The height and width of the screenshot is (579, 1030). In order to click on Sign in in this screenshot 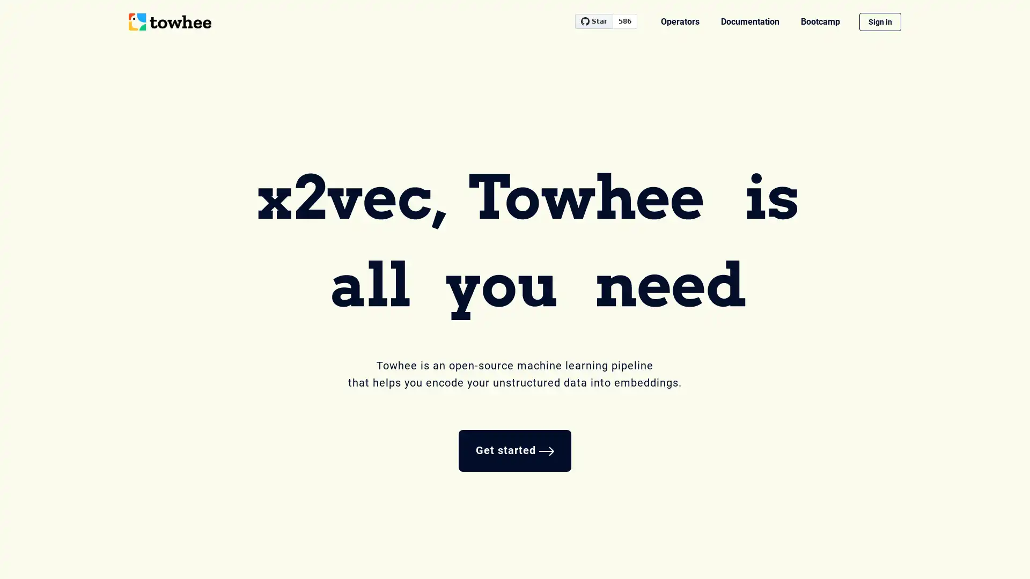, I will do `click(880, 22)`.